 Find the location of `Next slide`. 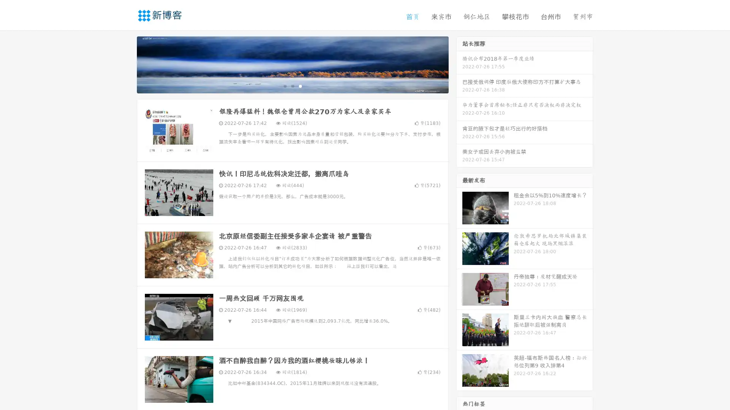

Next slide is located at coordinates (459, 64).